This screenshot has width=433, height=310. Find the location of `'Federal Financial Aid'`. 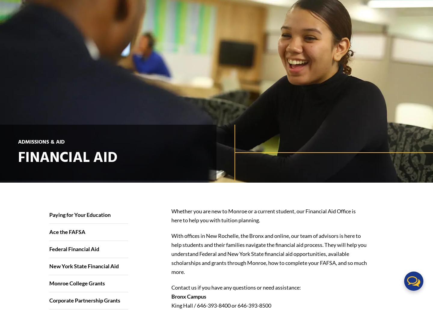

'Federal Financial Aid' is located at coordinates (73, 248).